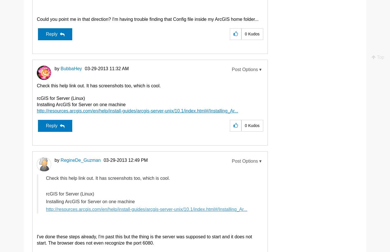 The height and width of the screenshot is (252, 390). Describe the element at coordinates (138, 160) in the screenshot. I see `'12:49 PM'` at that location.